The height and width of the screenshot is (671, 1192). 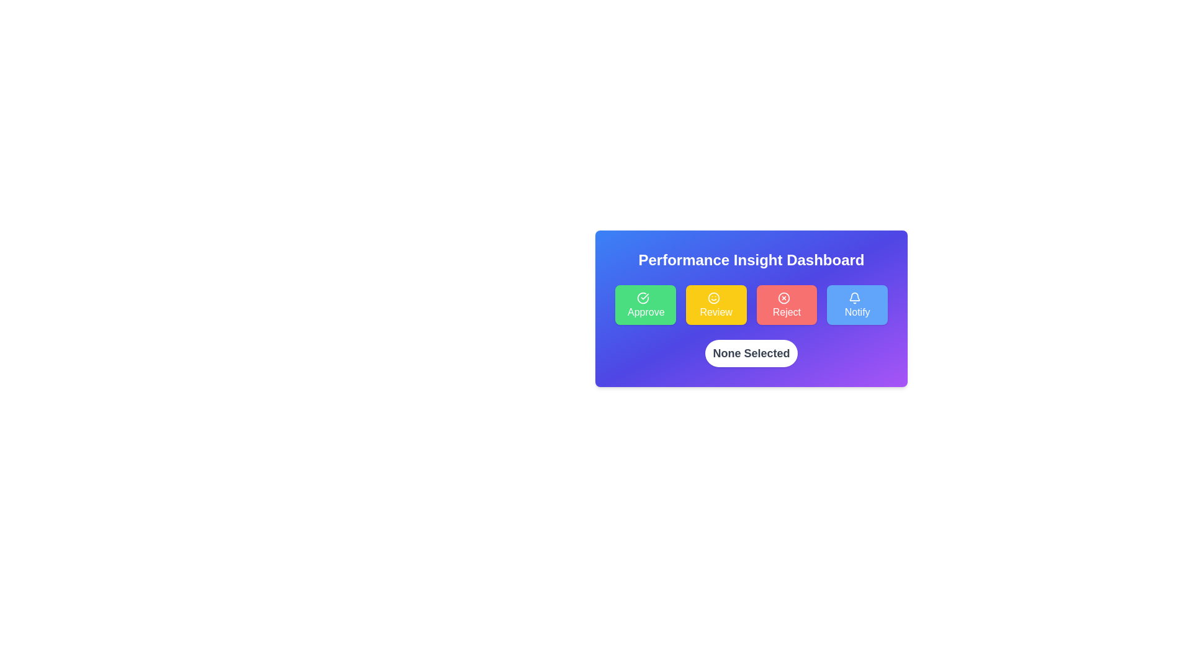 What do you see at coordinates (857, 304) in the screenshot?
I see `the 'Notify' button, which is the rightmost button in a row of four buttons styled with a blue background and rounded corners` at bounding box center [857, 304].